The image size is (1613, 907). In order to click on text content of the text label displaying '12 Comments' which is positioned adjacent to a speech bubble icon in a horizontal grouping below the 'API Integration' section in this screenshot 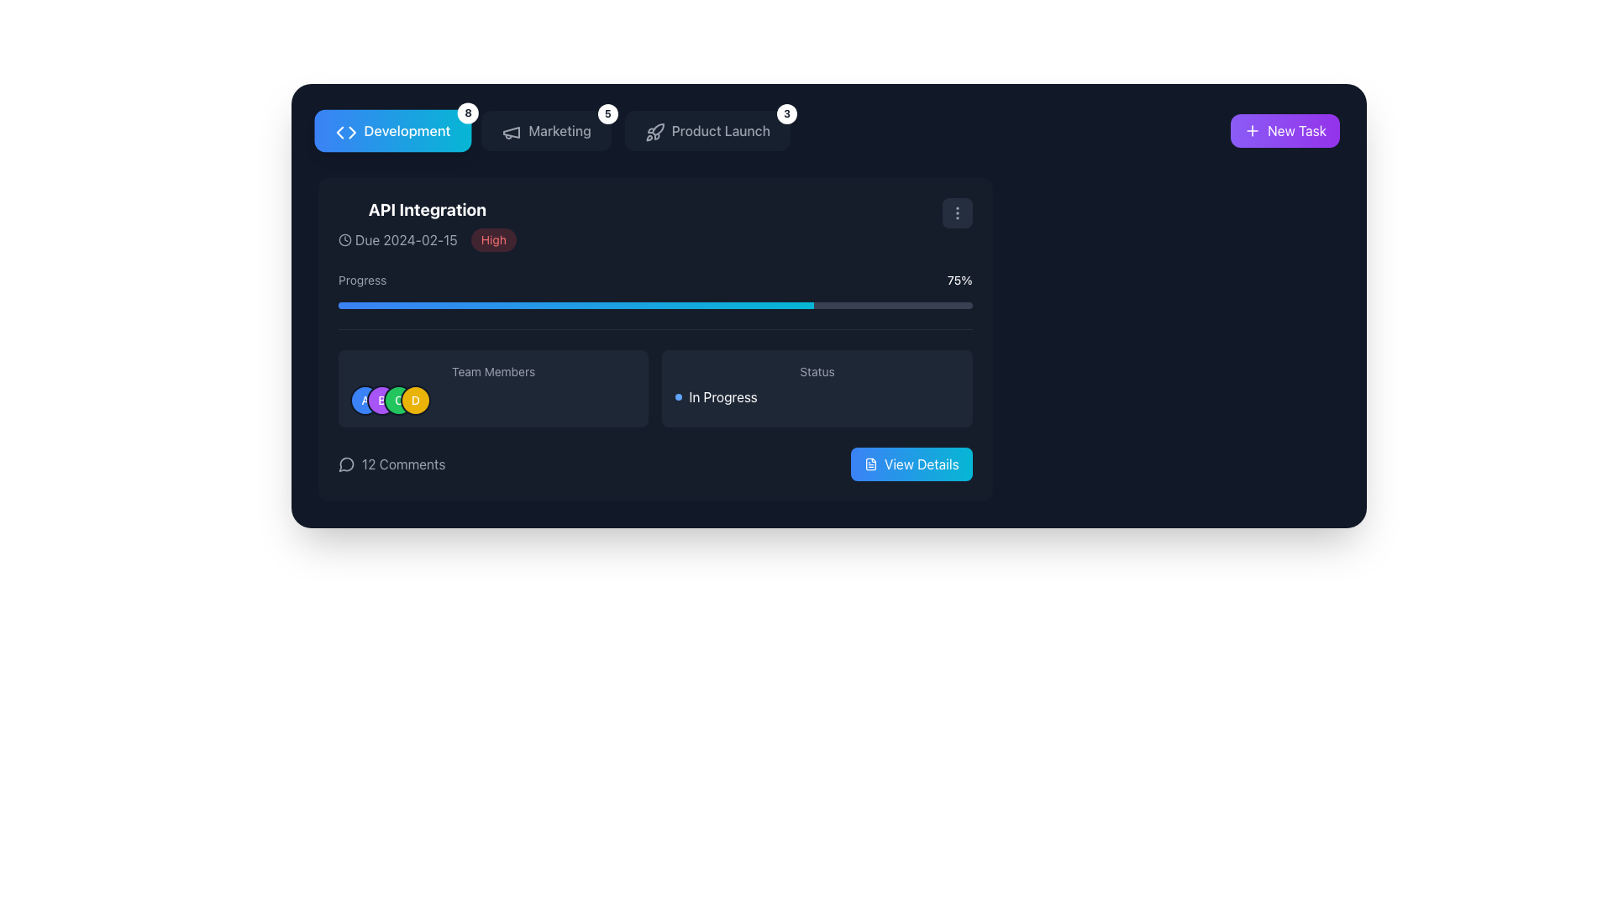, I will do `click(403, 464)`.